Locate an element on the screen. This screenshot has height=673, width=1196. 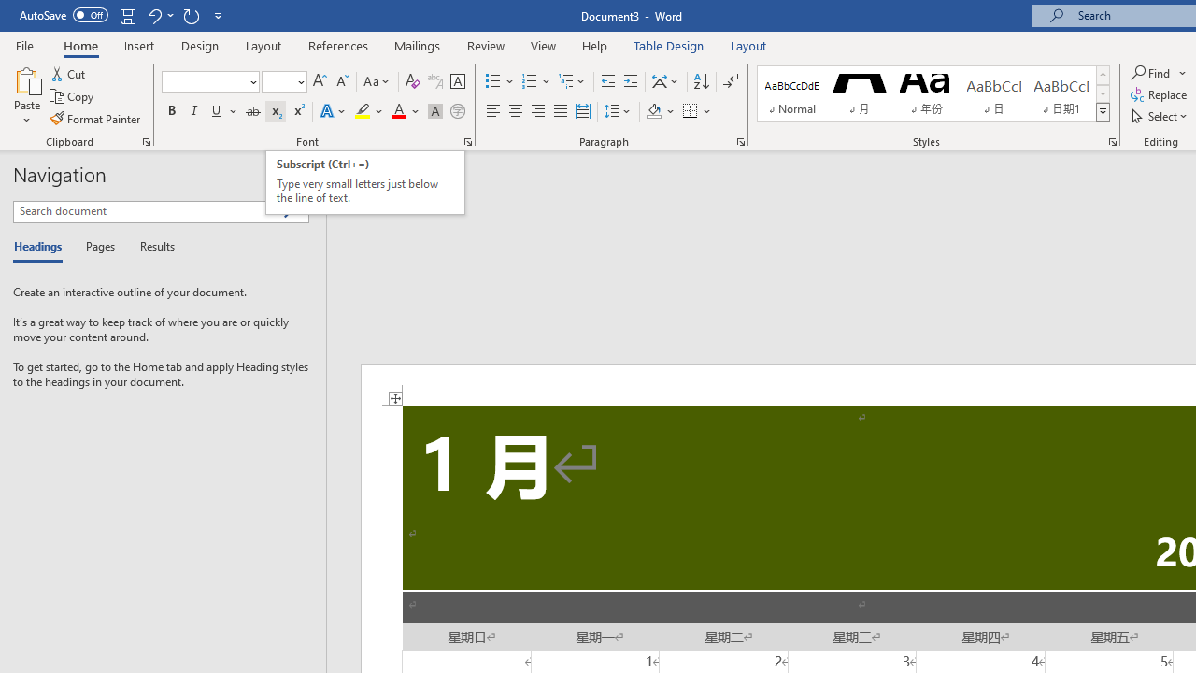
'Replace...' is located at coordinates (1160, 94).